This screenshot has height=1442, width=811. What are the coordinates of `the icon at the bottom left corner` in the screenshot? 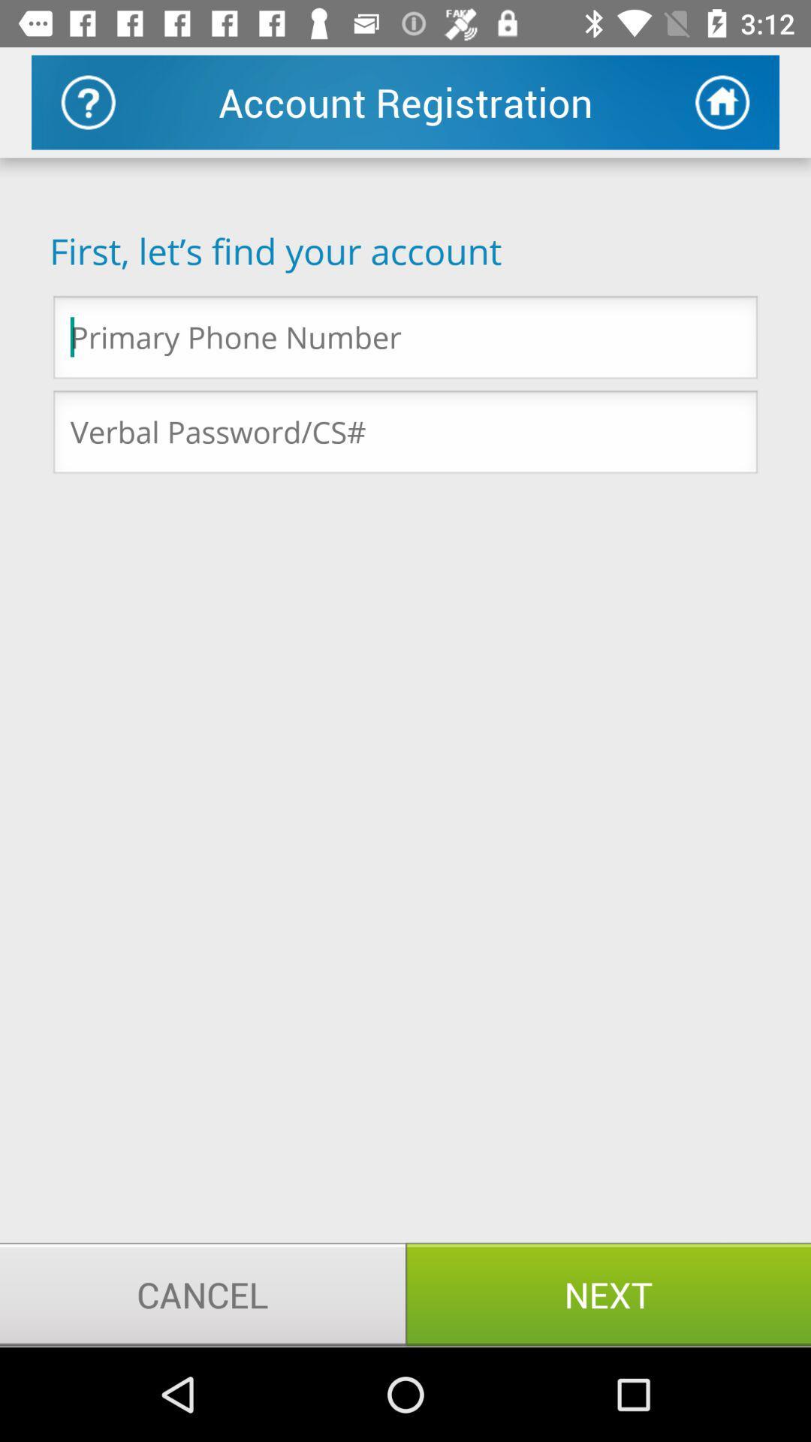 It's located at (203, 1293).